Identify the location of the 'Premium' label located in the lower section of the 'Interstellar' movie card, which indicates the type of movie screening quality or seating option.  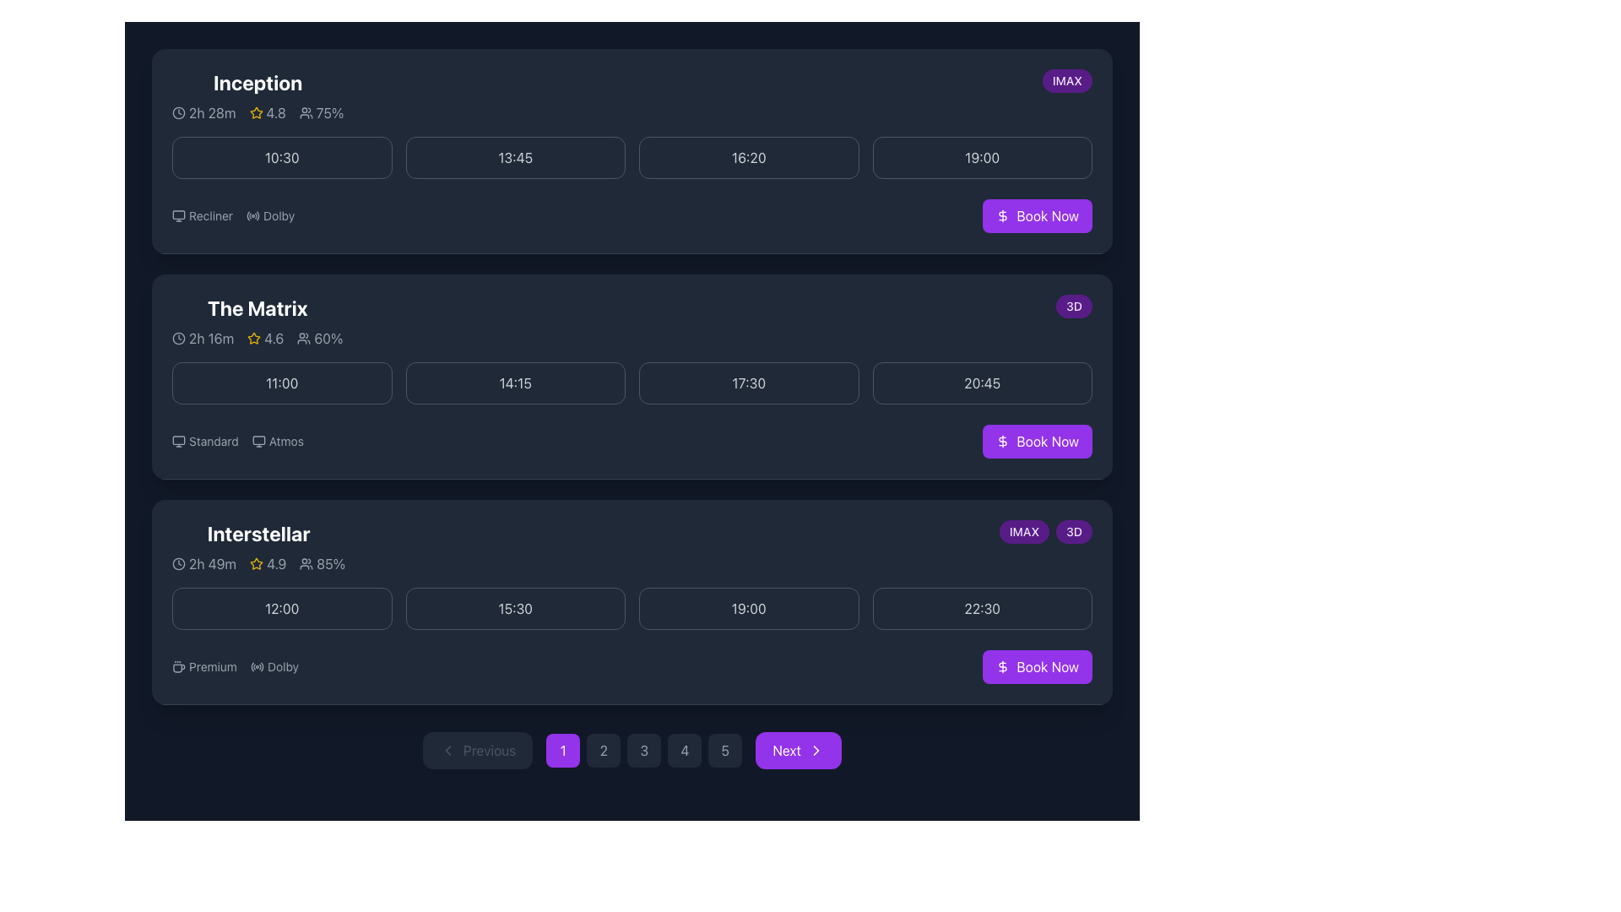
(203, 666).